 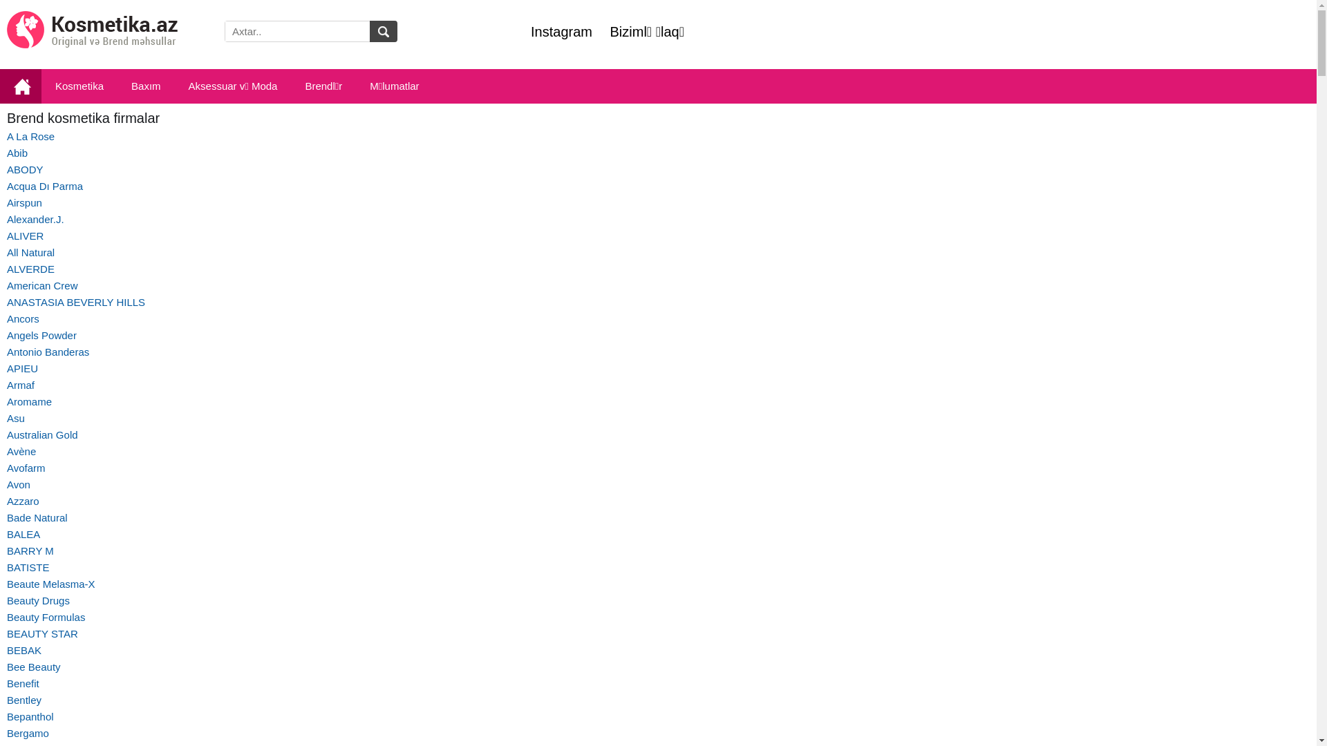 I want to click on 'Aromame', so click(x=29, y=401).